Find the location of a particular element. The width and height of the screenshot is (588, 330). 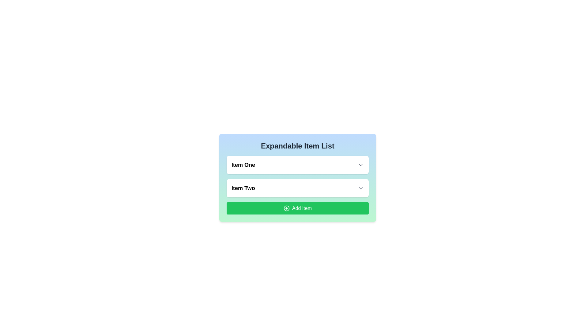

the text label displaying 'Item One', which is in bold and slightly larger font, positioned at the top of a vertically oriented list is located at coordinates (243, 165).